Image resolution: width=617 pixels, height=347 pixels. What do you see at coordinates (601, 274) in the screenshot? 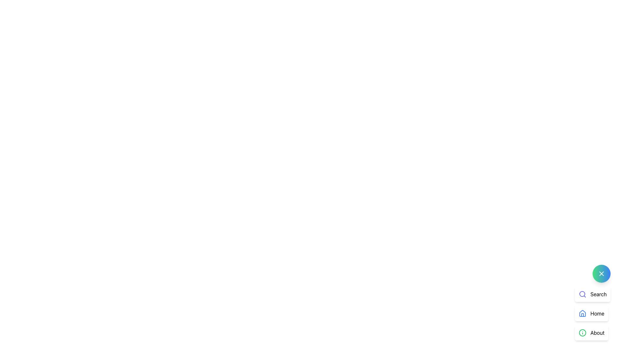
I see `the circular button with a gradient background containing a diagonal cross icon for a tooltip` at bounding box center [601, 274].